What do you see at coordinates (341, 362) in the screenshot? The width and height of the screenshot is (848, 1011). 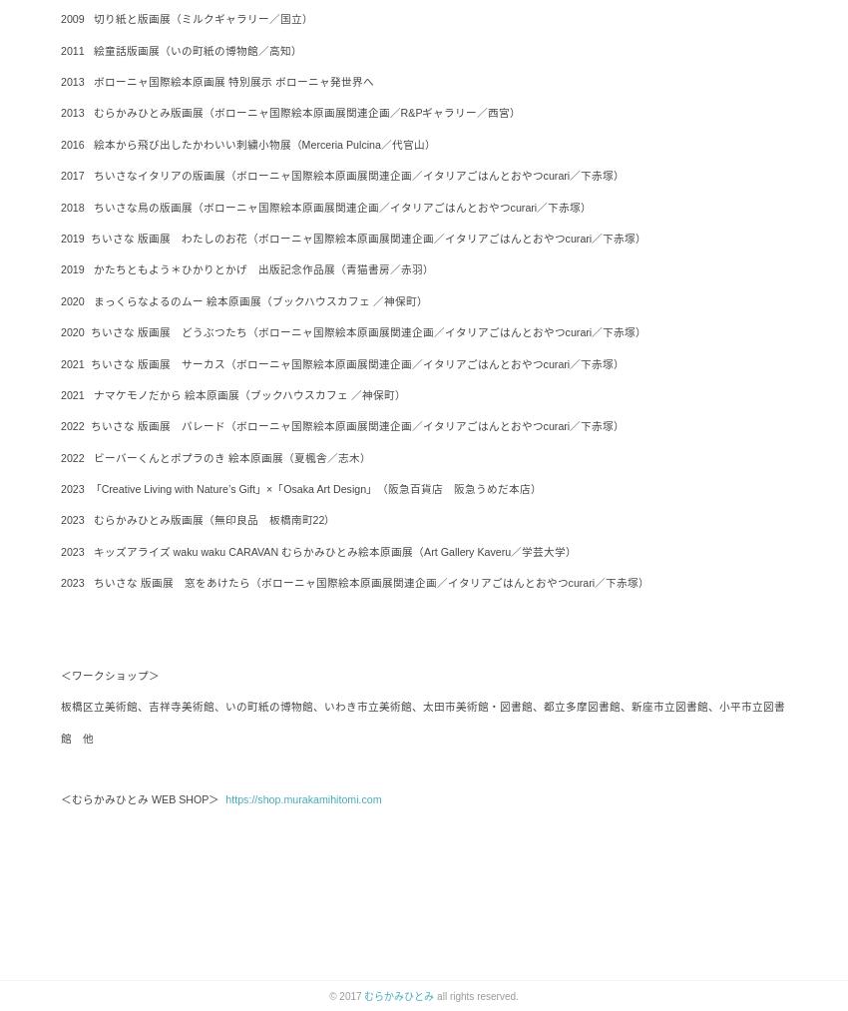 I see `'2021  ちいさな 版画展　サーカス（ボローニャ国際絵本原画展関連企画／イタリアごはんとおやつcurari／下赤塚）'` at bounding box center [341, 362].